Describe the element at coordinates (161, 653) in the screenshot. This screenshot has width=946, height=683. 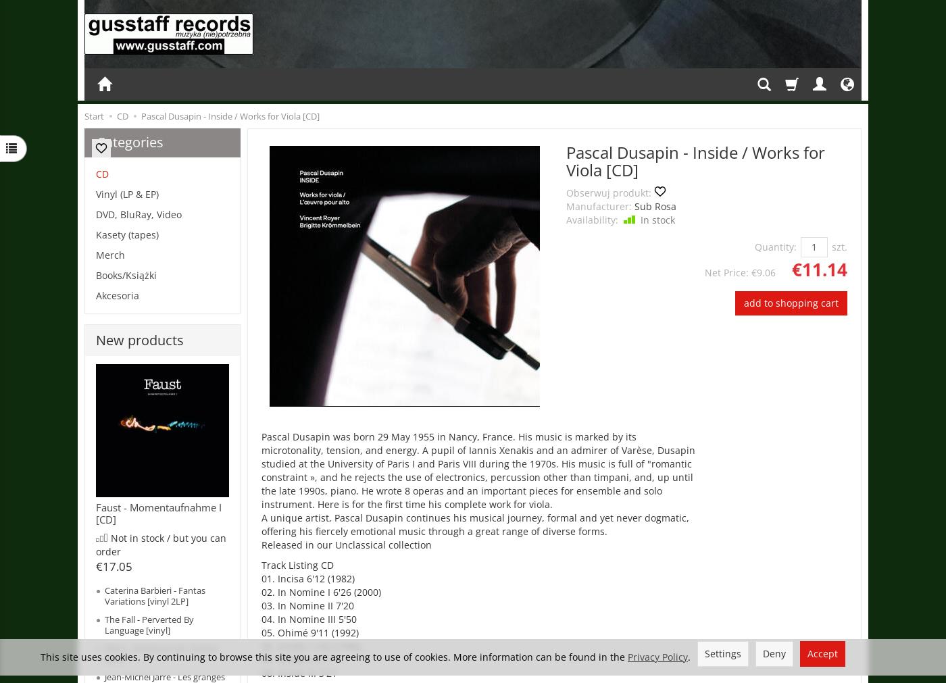
I see `'Devo - Hardcore Vol. 2 [vinyl 2LP]'` at that location.